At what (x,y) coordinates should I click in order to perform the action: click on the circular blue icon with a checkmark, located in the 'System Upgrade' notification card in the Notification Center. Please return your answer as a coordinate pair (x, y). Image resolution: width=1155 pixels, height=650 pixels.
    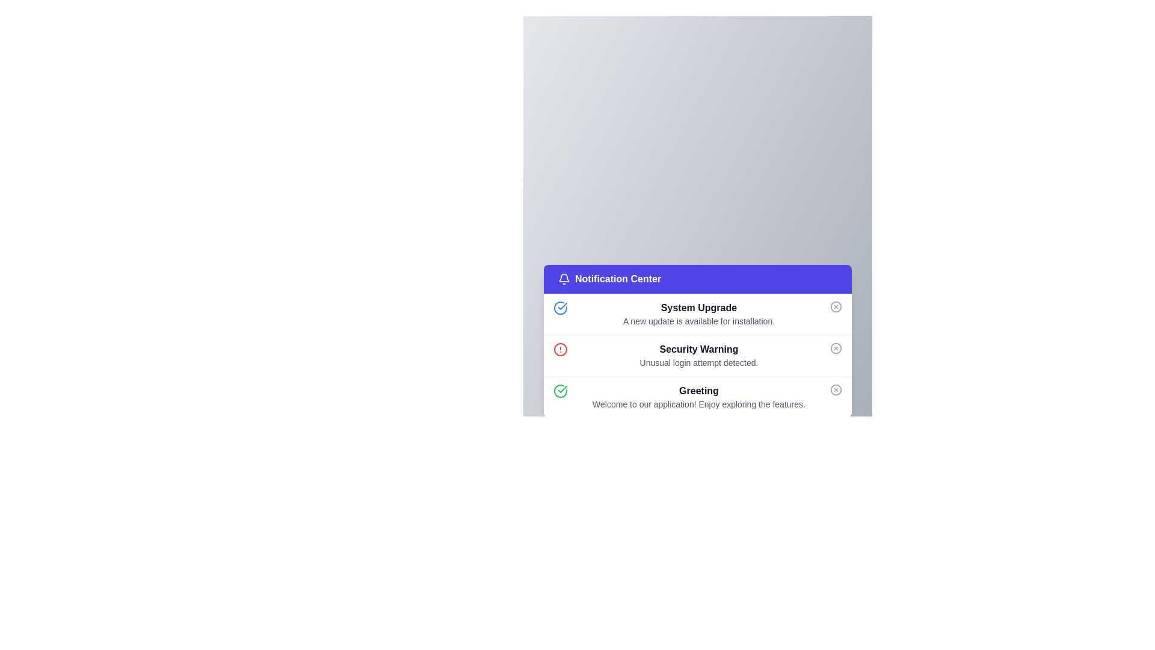
    Looking at the image, I should click on (559, 308).